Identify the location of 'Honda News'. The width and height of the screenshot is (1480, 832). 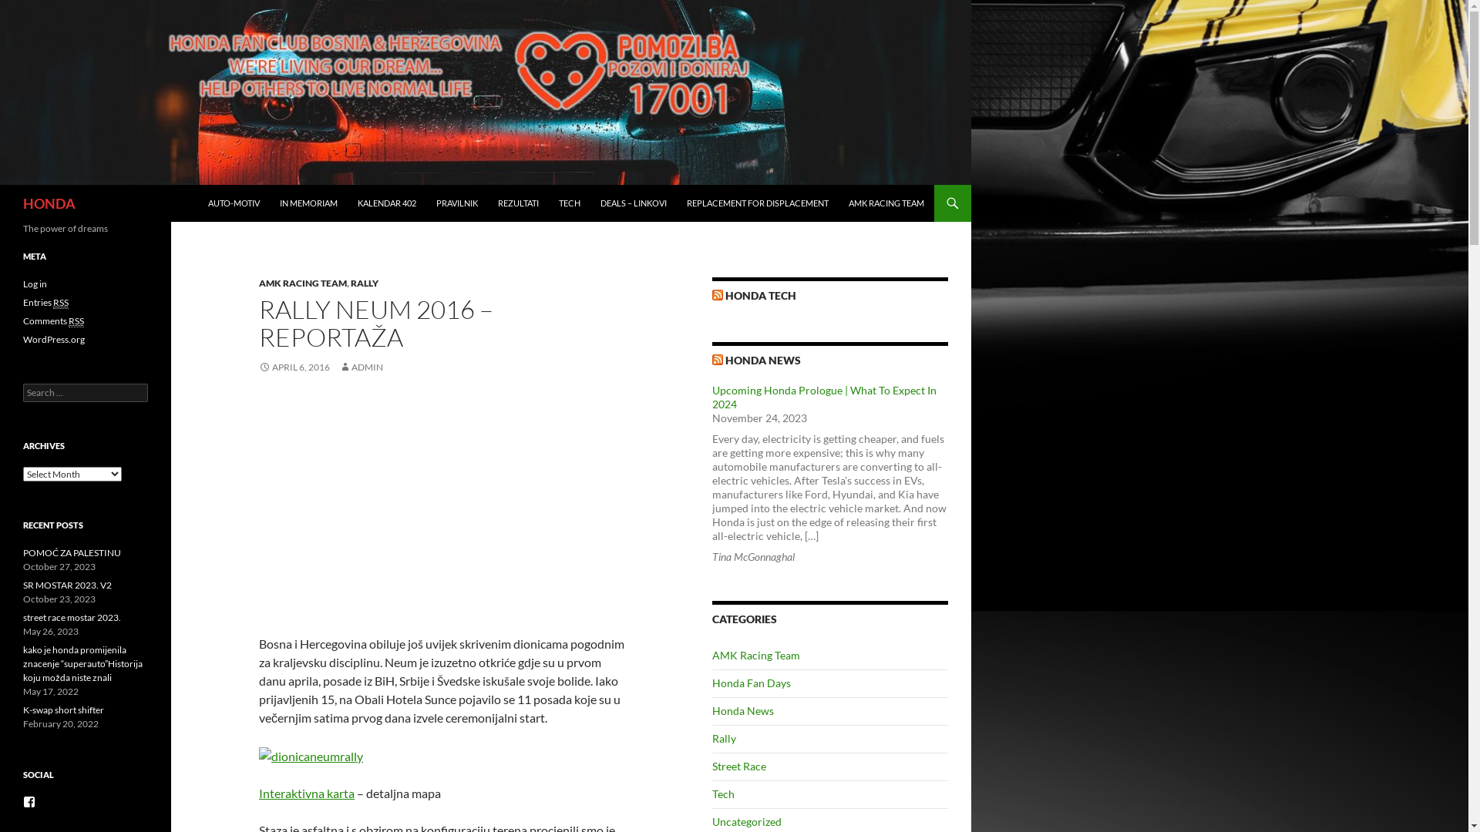
(743, 710).